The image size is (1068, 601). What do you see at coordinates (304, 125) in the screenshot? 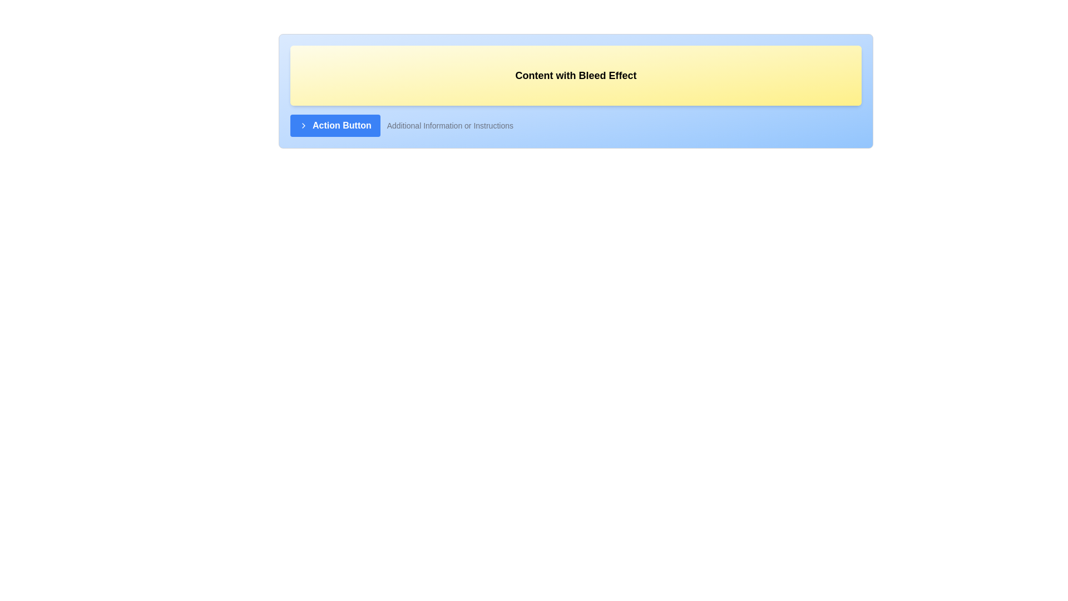
I see `the right-facing chevron icon embedded in the 'Action Button', located in the bottom-left region of the interface under the yellow content box` at bounding box center [304, 125].